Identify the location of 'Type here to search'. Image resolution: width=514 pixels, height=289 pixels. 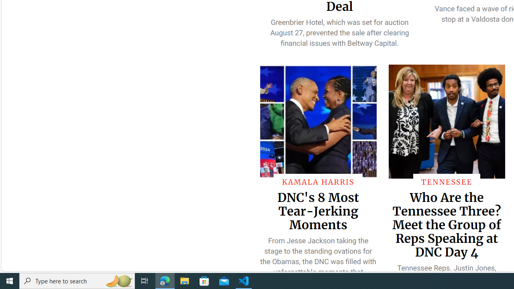
(77, 280).